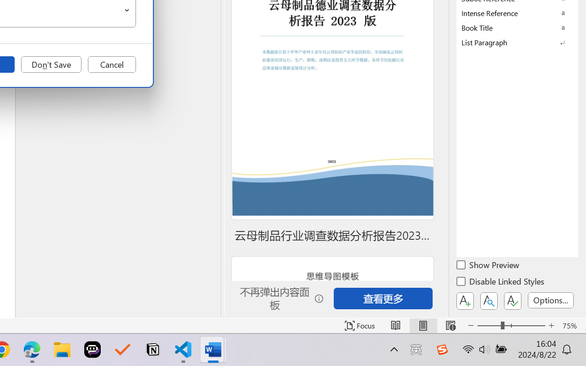 This screenshot has height=366, width=586. Describe the element at coordinates (450, 325) in the screenshot. I see `'Web Layout'` at that location.